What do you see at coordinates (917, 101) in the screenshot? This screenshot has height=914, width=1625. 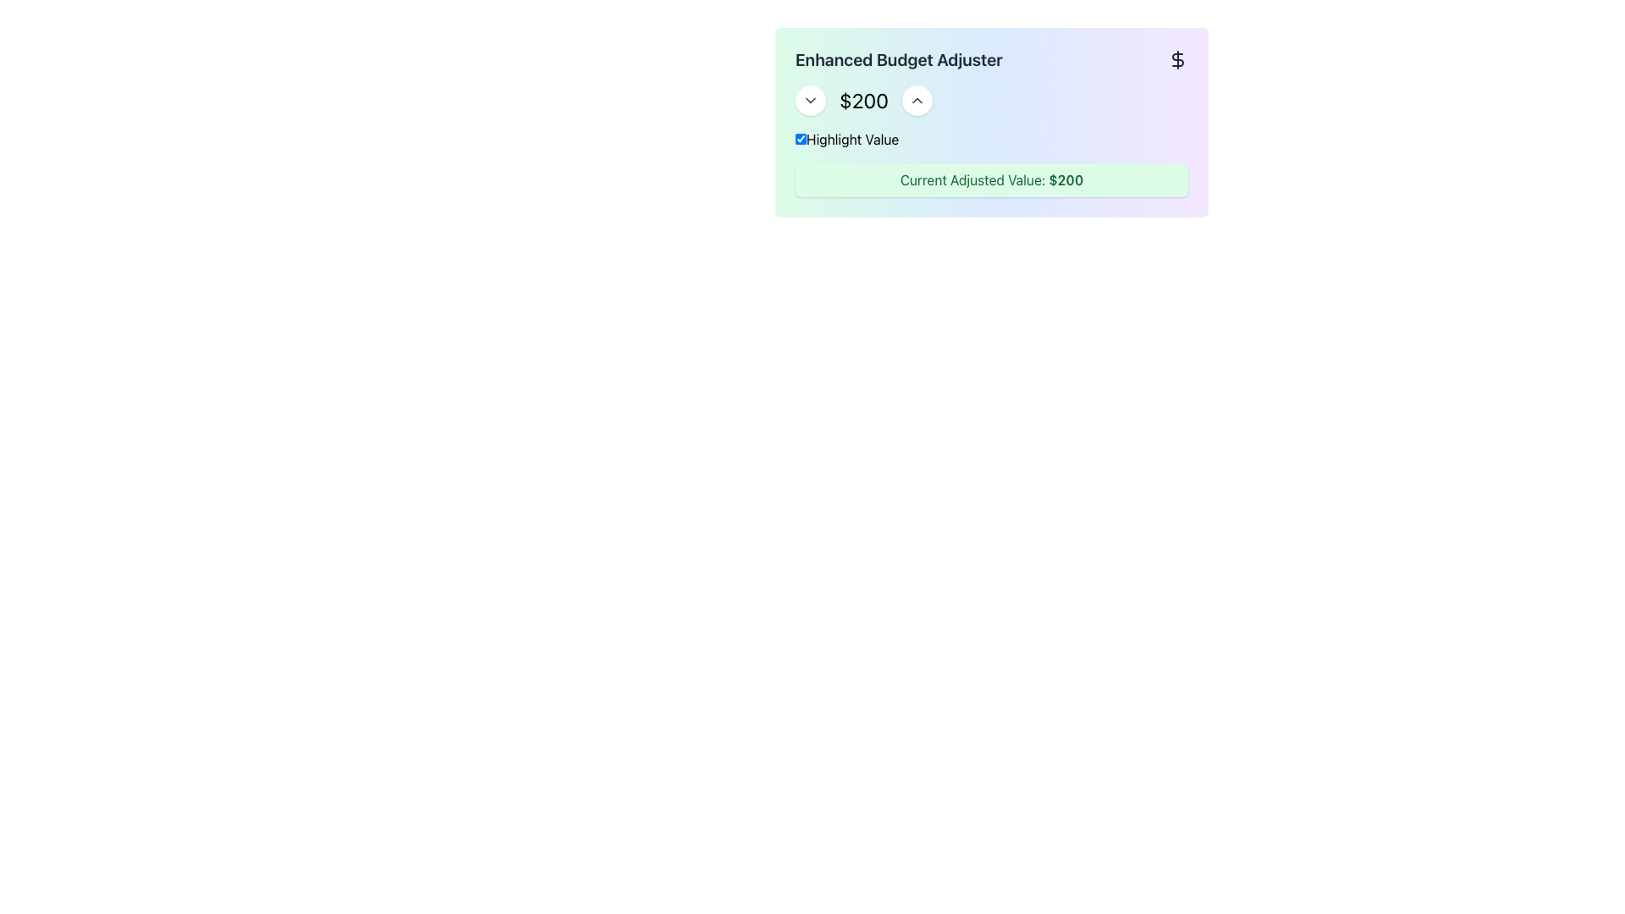 I see `the increment button located to the right of the '$200' text label` at bounding box center [917, 101].